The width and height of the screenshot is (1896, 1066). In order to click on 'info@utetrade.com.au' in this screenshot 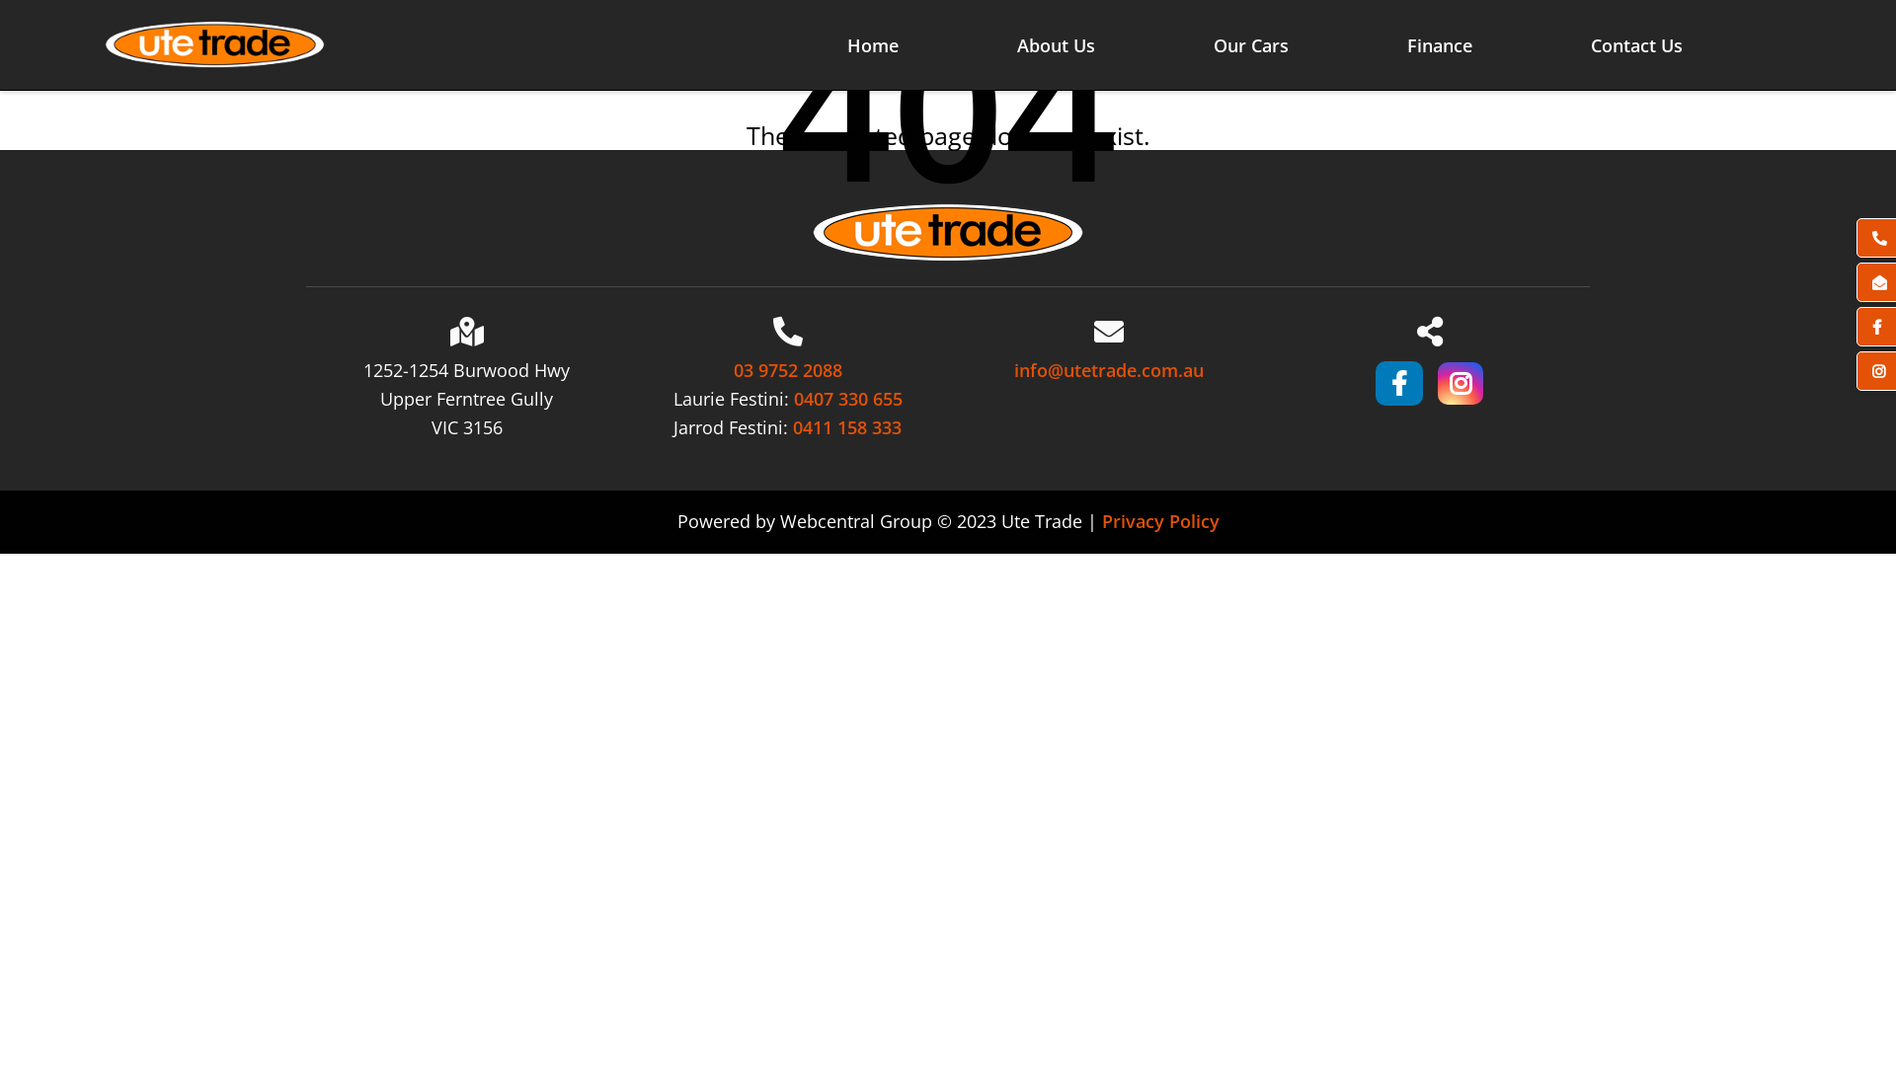, I will do `click(1108, 370)`.